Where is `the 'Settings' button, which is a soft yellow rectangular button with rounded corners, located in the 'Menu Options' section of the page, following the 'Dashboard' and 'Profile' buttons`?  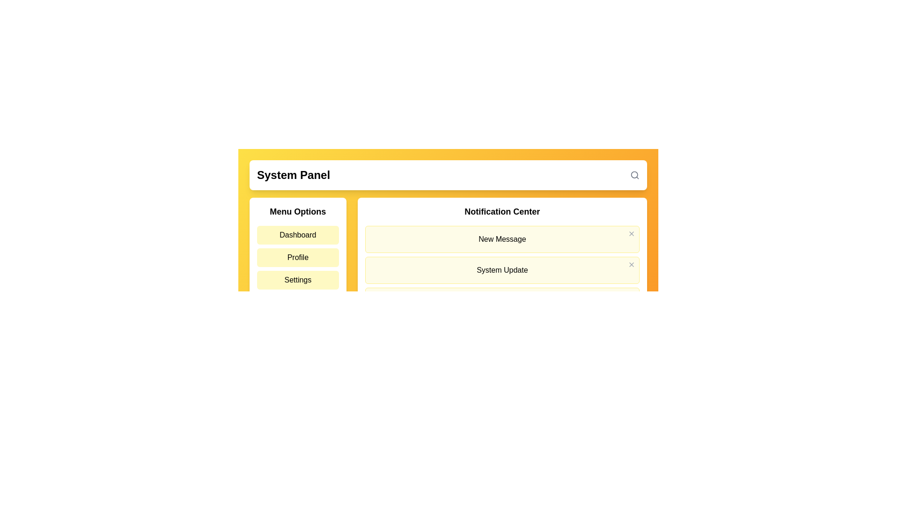
the 'Settings' button, which is a soft yellow rectangular button with rounded corners, located in the 'Menu Options' section of the page, following the 'Dashboard' and 'Profile' buttons is located at coordinates (297, 279).